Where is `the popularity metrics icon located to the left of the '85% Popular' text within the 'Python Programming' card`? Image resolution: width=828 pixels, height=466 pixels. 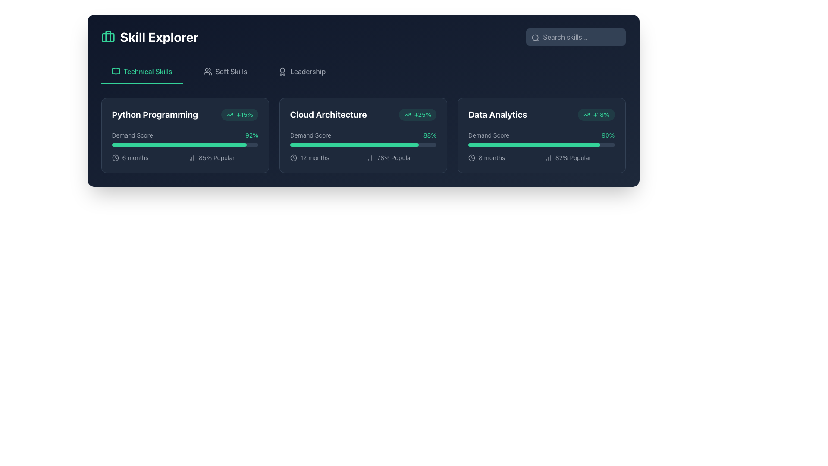
the popularity metrics icon located to the left of the '85% Popular' text within the 'Python Programming' card is located at coordinates (191, 158).